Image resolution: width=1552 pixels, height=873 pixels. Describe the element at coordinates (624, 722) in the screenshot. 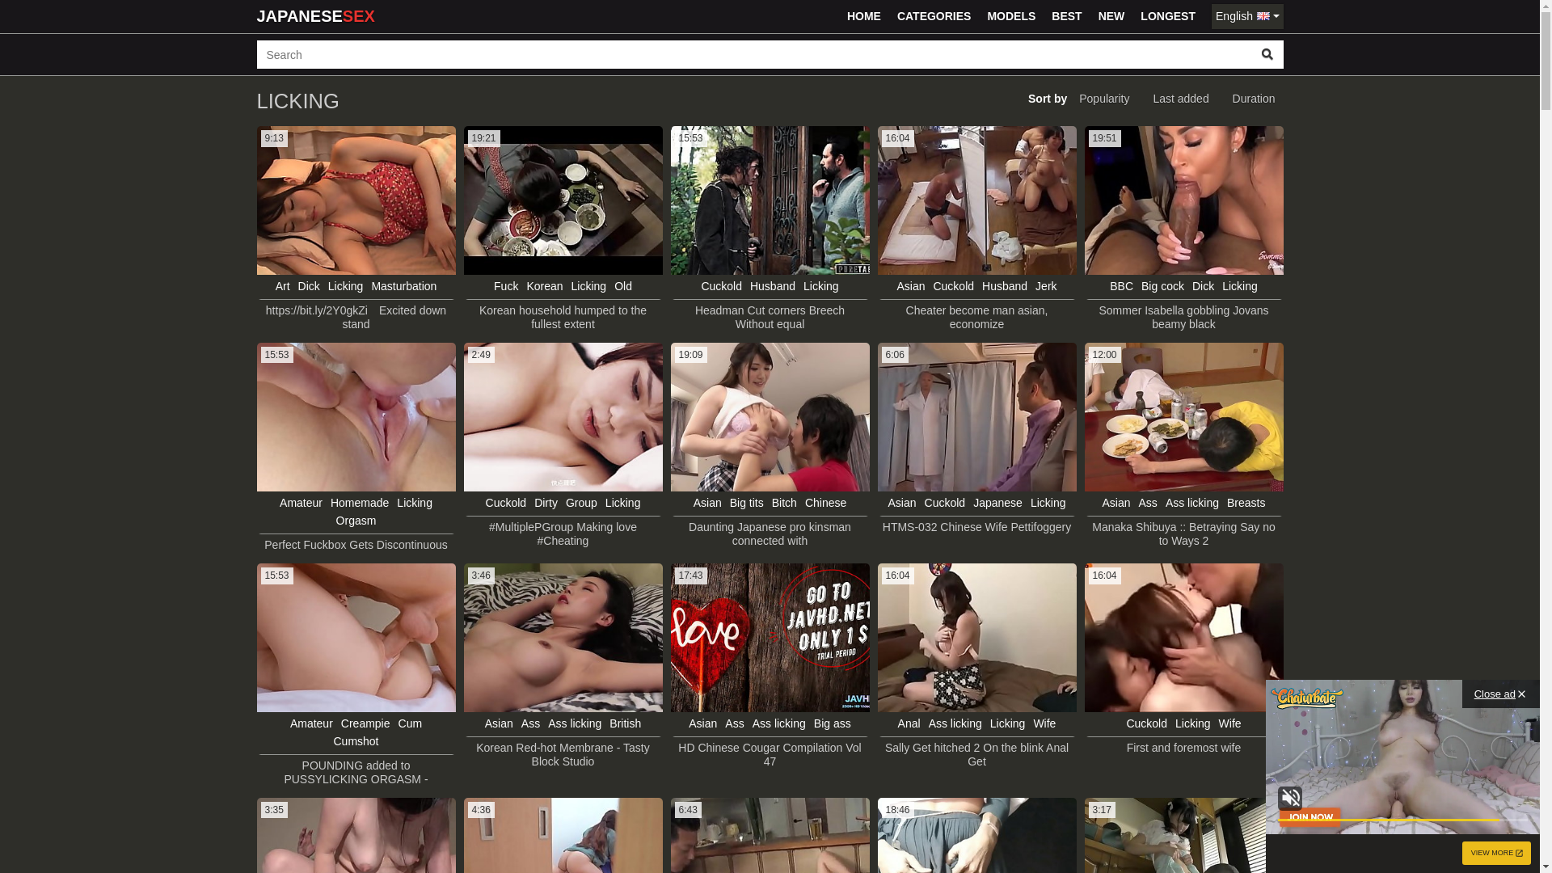

I see `'British'` at that location.